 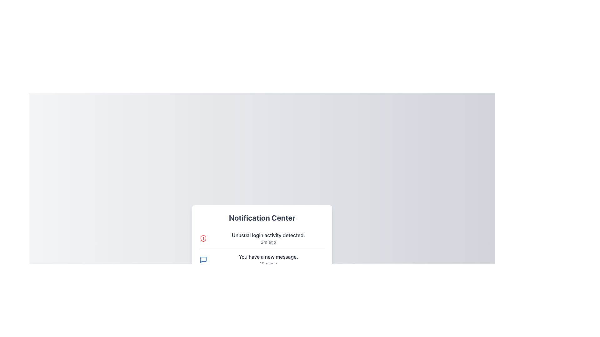 I want to click on the first notification item in the Notification Center that informs about suspicious login activity, so click(x=268, y=238).